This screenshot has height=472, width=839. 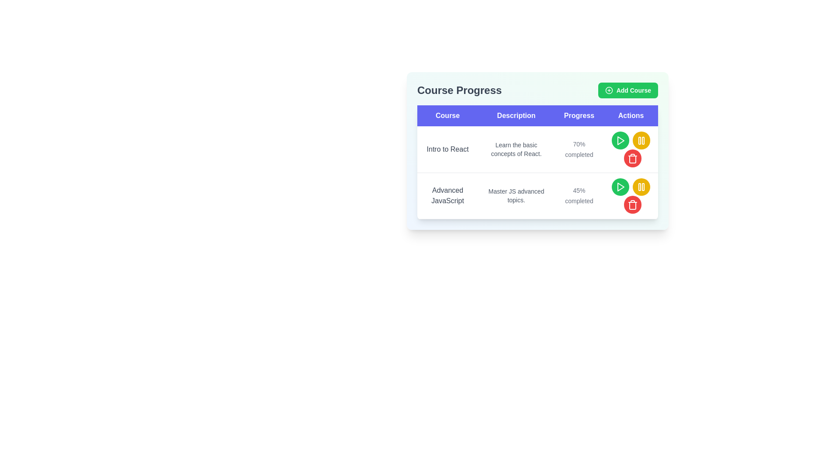 I want to click on the red circular button in the 'Actions' column of the first row, so click(x=633, y=158).